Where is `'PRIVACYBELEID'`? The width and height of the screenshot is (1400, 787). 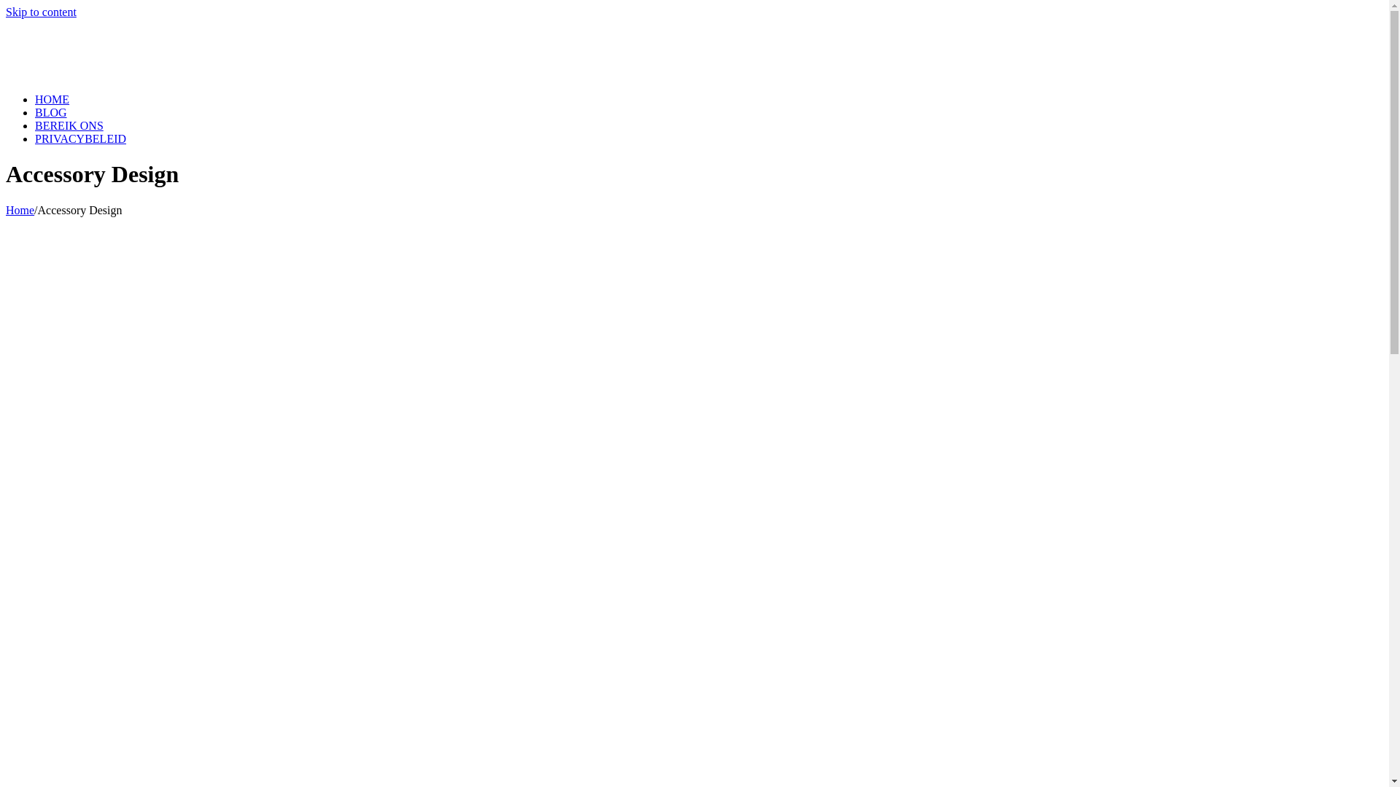
'PRIVACYBELEID' is located at coordinates (79, 138).